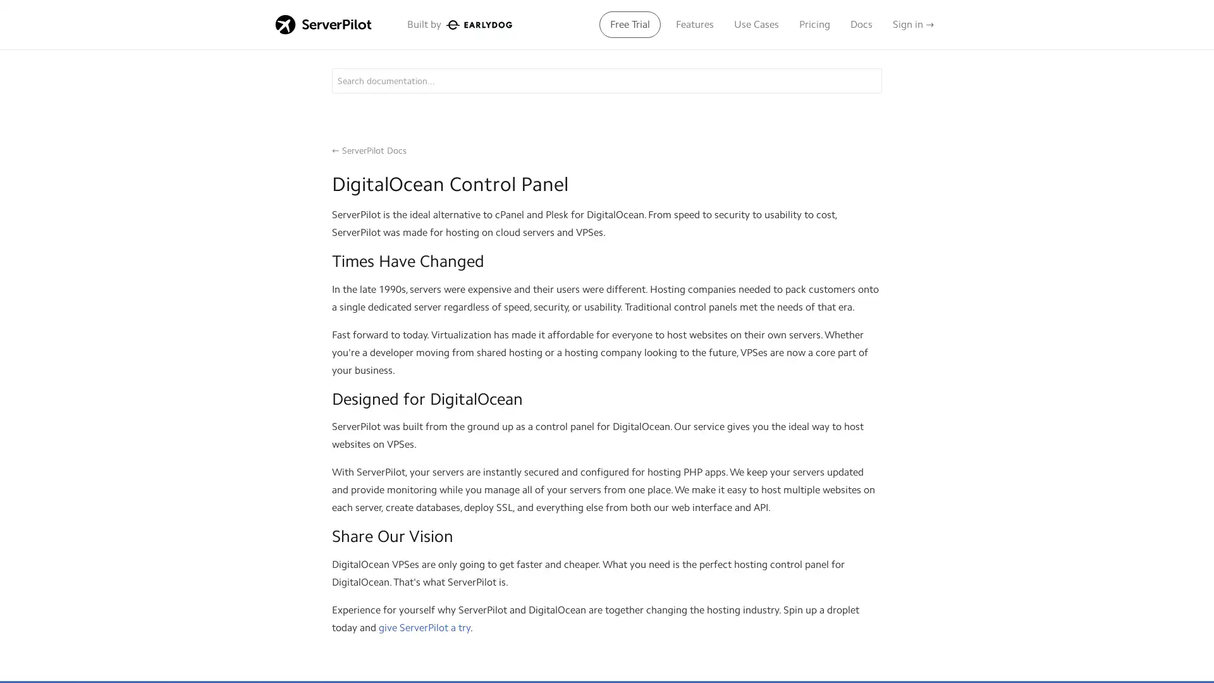 The height and width of the screenshot is (683, 1214). What do you see at coordinates (814, 24) in the screenshot?
I see `Pricing` at bounding box center [814, 24].